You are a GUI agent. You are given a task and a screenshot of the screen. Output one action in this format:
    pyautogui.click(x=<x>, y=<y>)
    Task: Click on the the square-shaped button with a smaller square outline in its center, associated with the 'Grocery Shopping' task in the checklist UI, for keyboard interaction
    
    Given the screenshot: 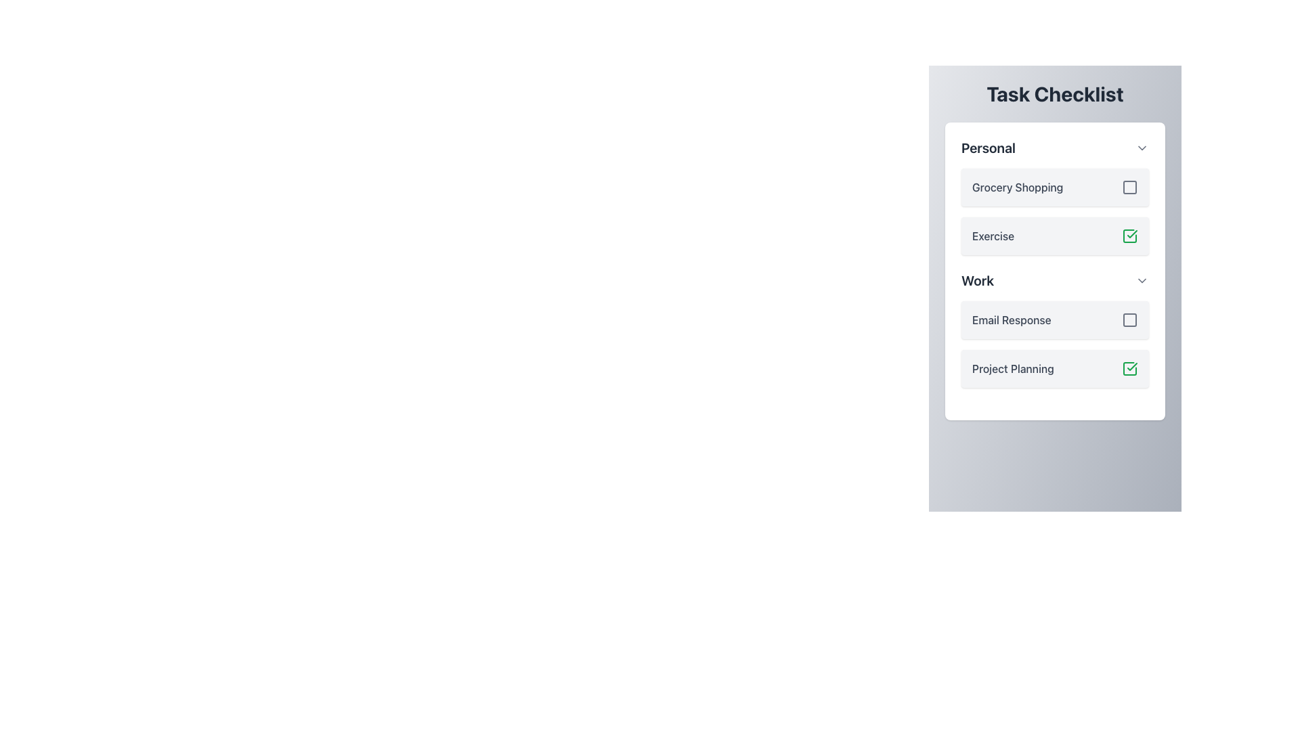 What is the action you would take?
    pyautogui.click(x=1130, y=187)
    